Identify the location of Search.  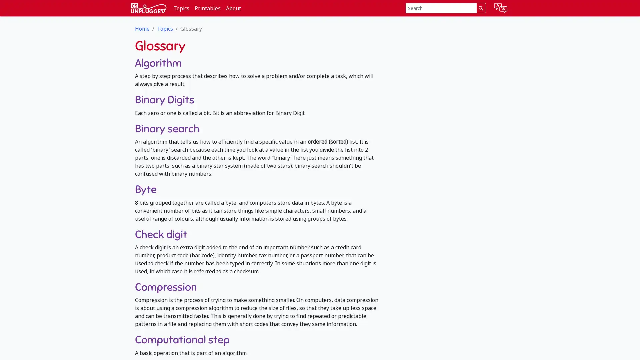
(481, 8).